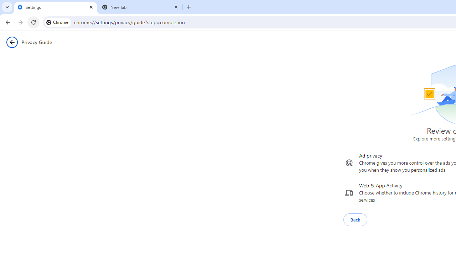 This screenshot has height=256, width=456. What do you see at coordinates (140, 7) in the screenshot?
I see `'New Tab'` at bounding box center [140, 7].